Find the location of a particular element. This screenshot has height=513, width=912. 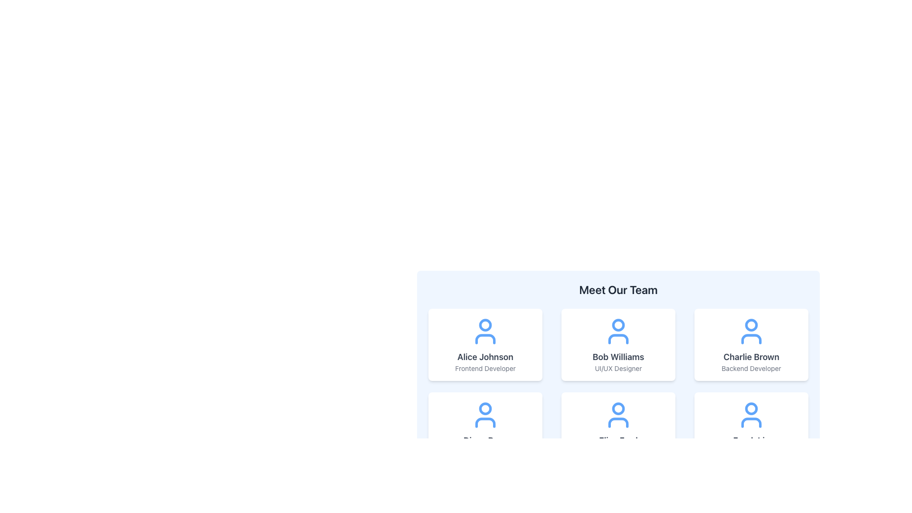

the circular graphical element with a blue border and white fill representing the head of the avatar icon for Alice Johnson, the Frontend Developer, in the 'Meet Our Team' section is located at coordinates (485, 324).